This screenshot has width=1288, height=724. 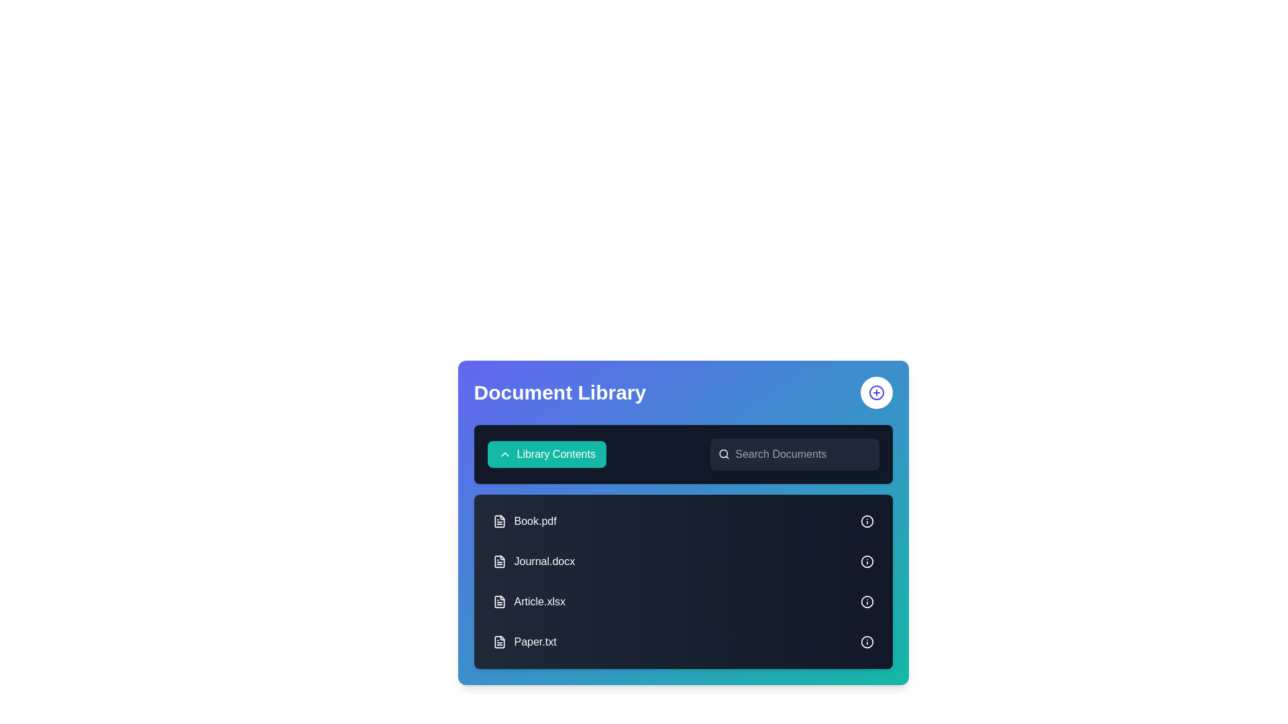 I want to click on the document file icon representing 'Paper.txt', located to the left of the text in the Document Library's file list, so click(x=498, y=641).